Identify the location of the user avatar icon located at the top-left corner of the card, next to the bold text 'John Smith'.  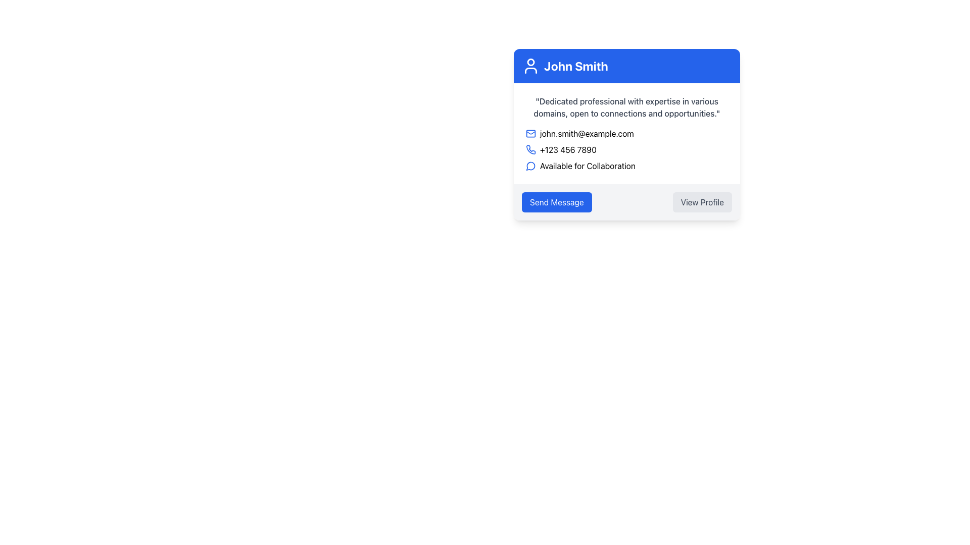
(530, 66).